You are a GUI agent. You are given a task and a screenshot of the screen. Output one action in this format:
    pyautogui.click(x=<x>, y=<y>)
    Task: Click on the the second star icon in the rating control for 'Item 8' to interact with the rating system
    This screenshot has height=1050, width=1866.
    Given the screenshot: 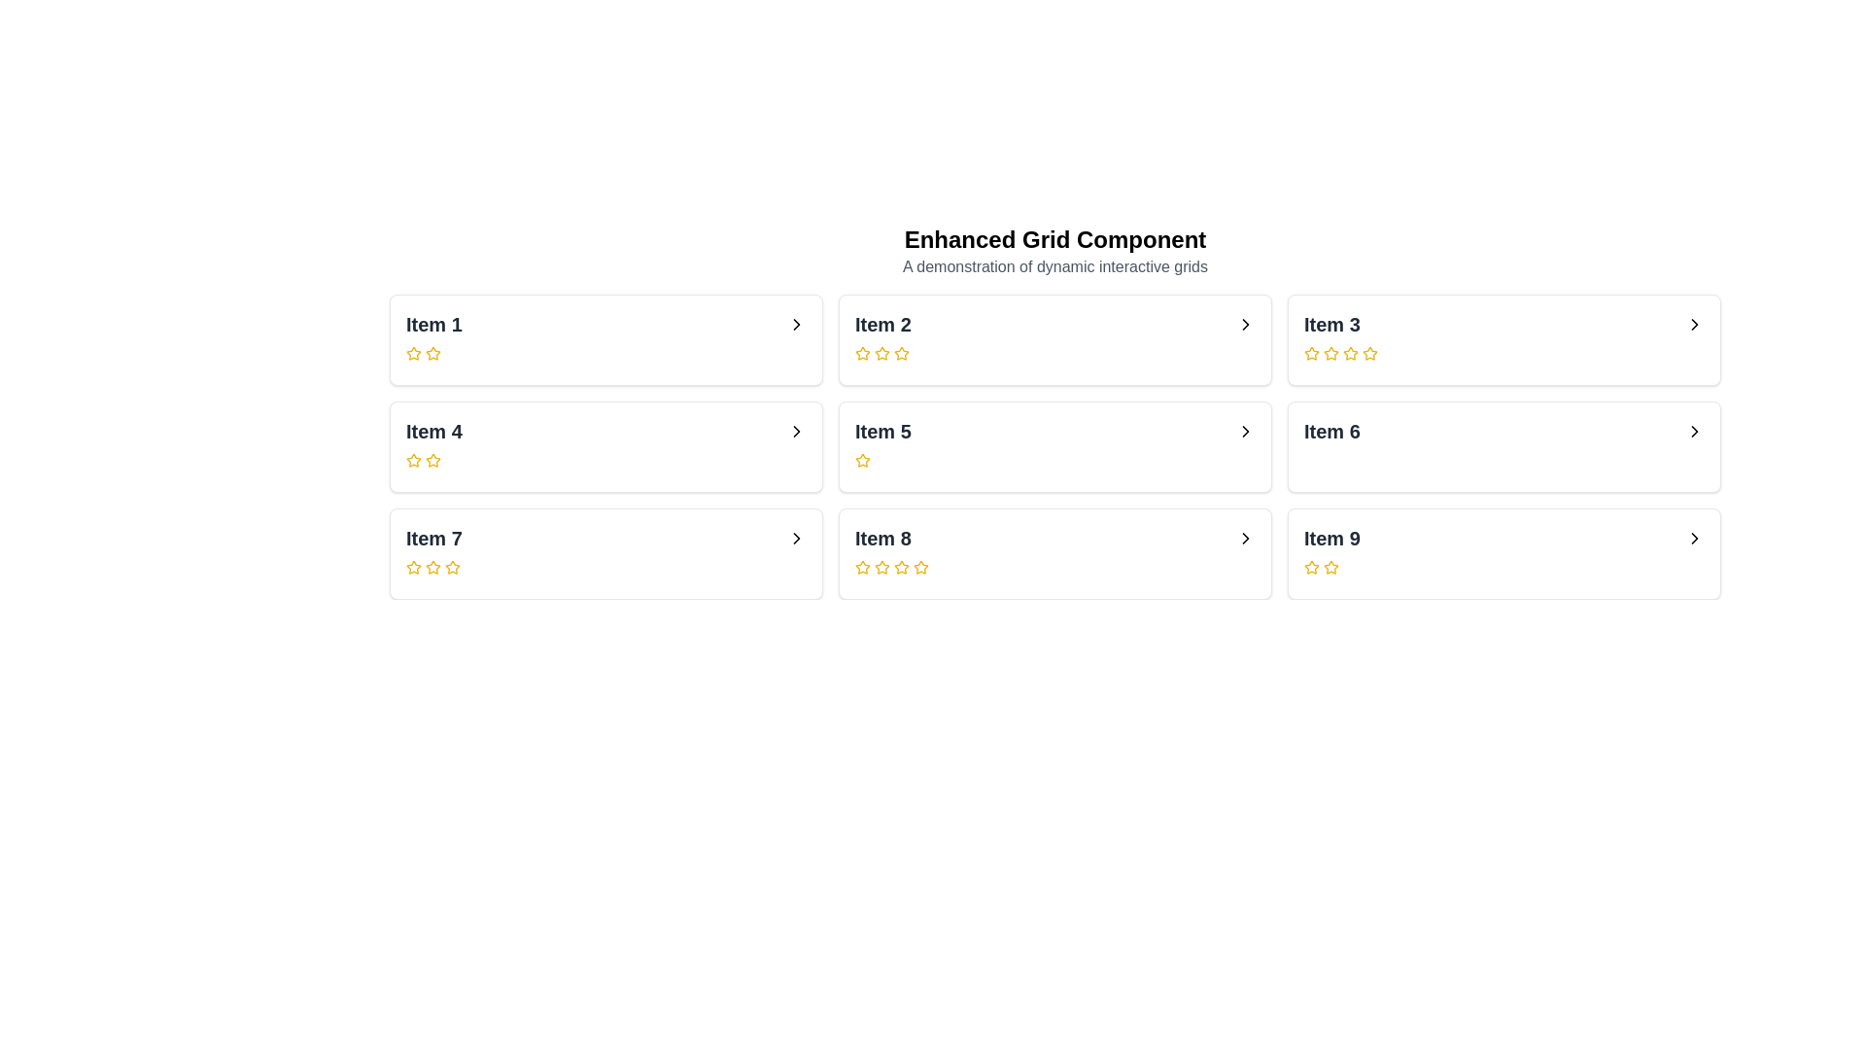 What is the action you would take?
    pyautogui.click(x=881, y=567)
    